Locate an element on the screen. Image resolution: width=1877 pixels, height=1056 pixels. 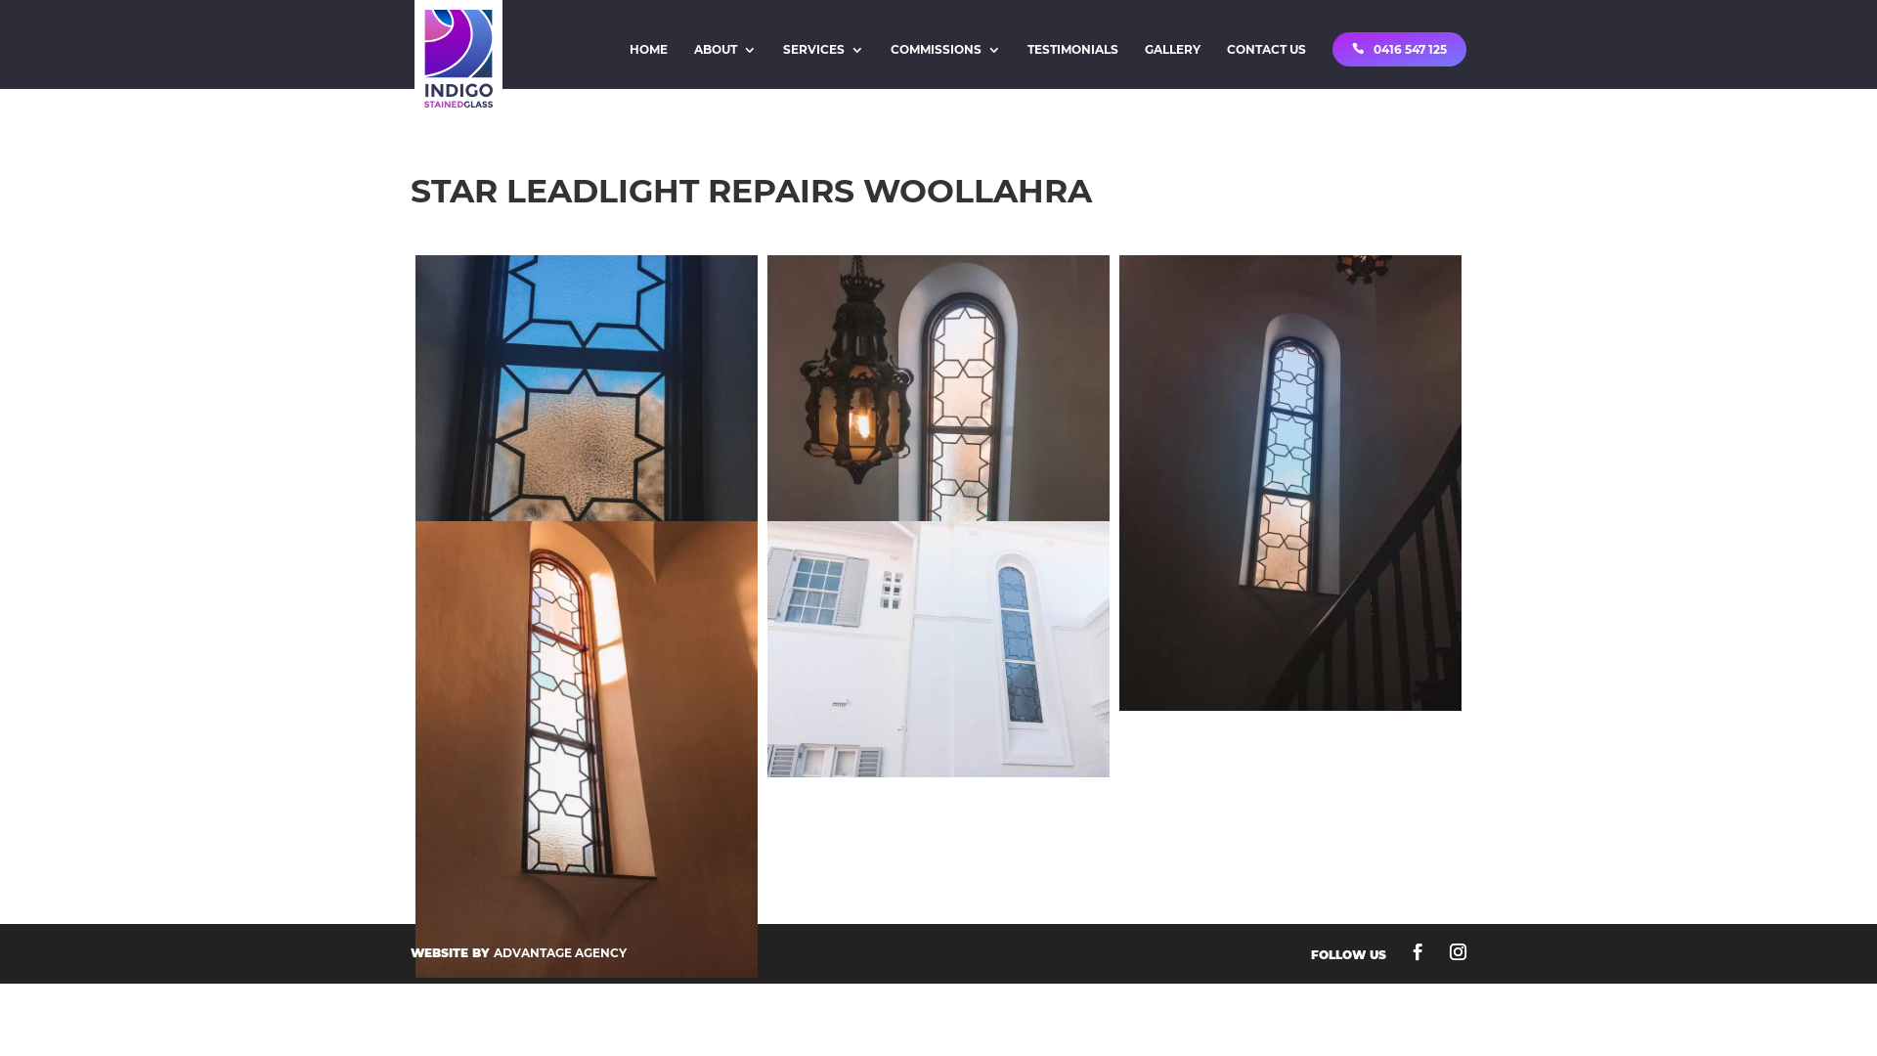
'GALLERY' is located at coordinates (1172, 65).